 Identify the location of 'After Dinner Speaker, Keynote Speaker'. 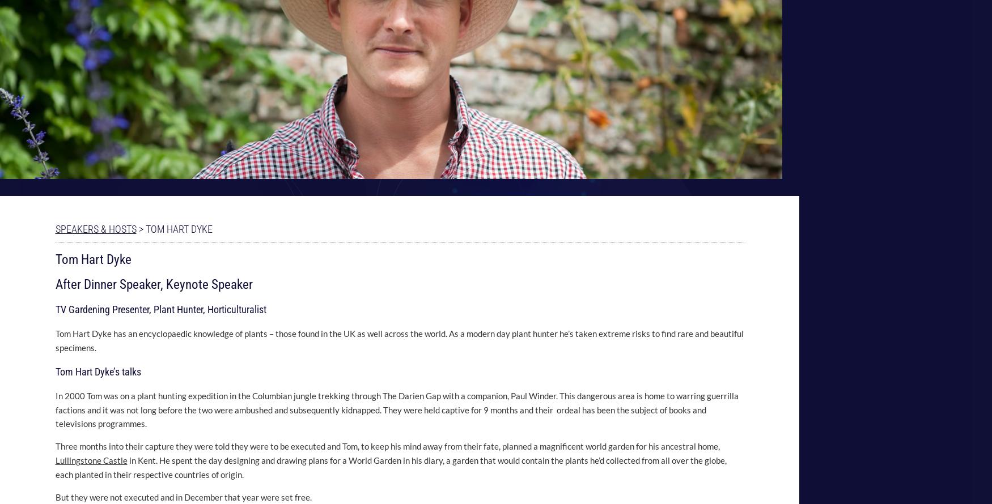
(153, 284).